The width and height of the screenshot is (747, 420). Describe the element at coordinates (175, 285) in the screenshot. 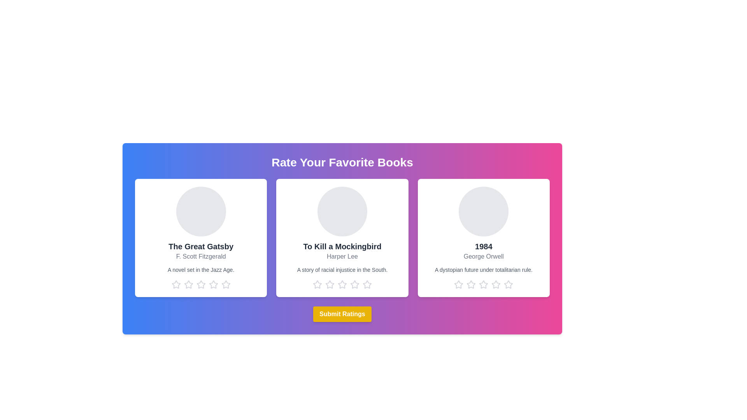

I see `the star corresponding to the rating 1 for the book titled The Great Gatsby` at that location.